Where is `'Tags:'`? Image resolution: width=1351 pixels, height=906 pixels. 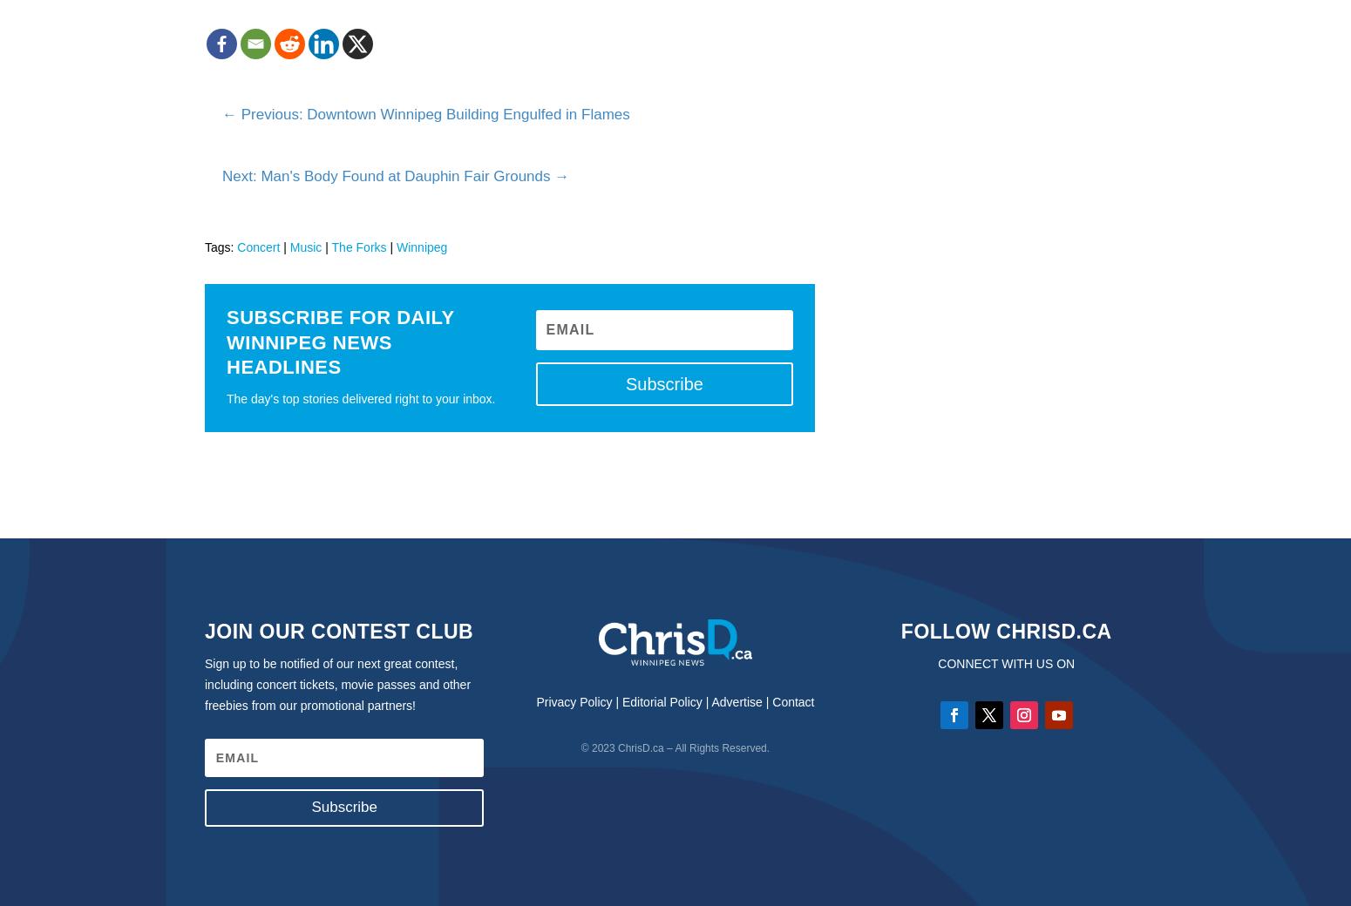
'Tags:' is located at coordinates (221, 245).